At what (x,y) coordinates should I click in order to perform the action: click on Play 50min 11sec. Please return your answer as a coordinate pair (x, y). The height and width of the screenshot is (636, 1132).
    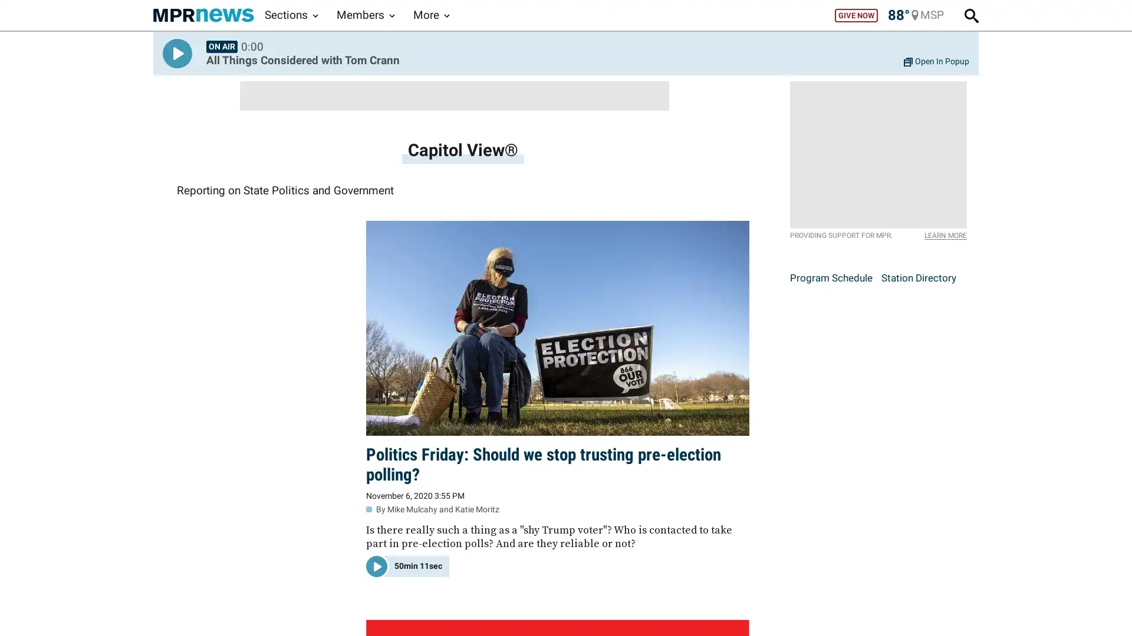
    Looking at the image, I should click on (407, 565).